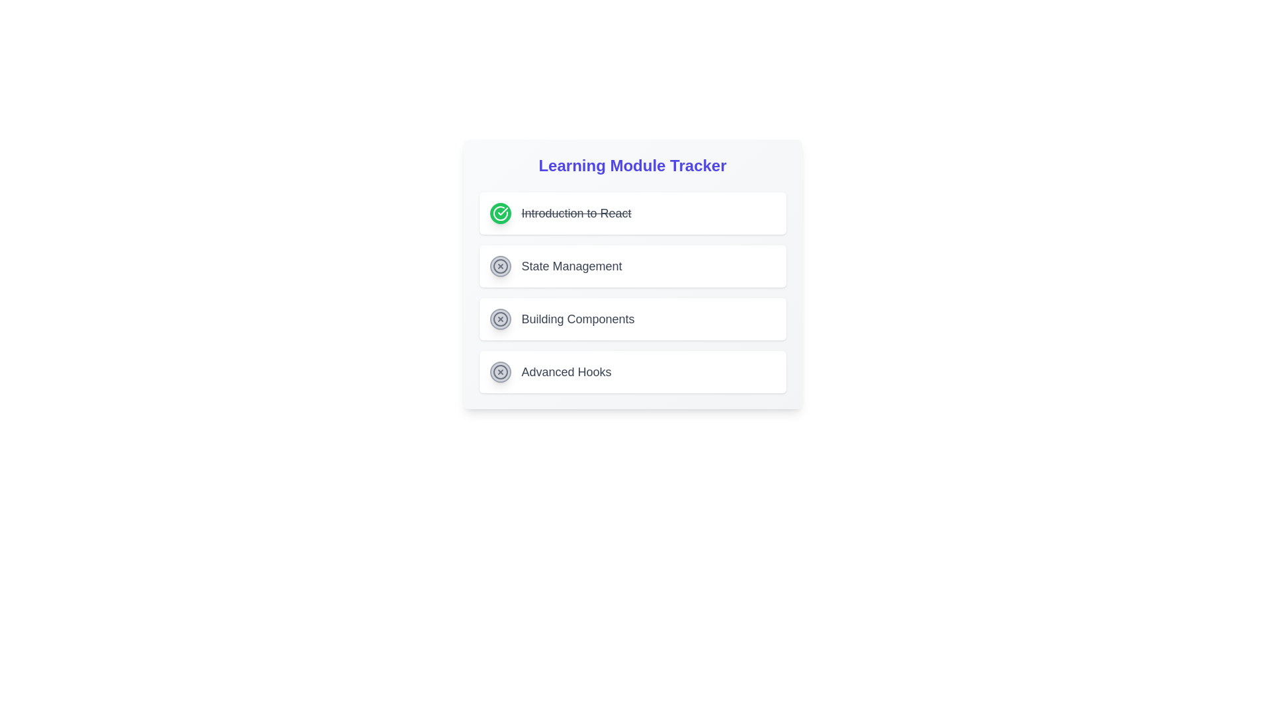  What do you see at coordinates (632, 372) in the screenshot?
I see `the List Item Card titled 'Advanced Hooks', which is the fourth item in the vertical list of learning modules` at bounding box center [632, 372].